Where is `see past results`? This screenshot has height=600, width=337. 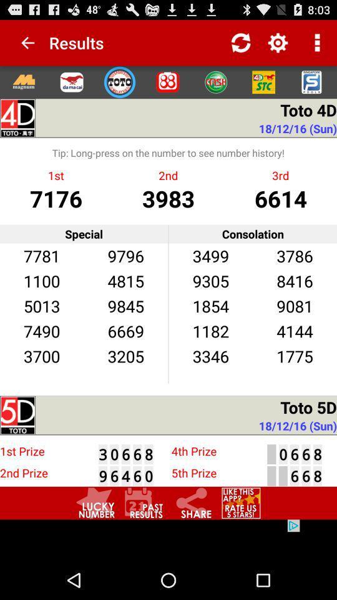 see past results is located at coordinates (144, 503).